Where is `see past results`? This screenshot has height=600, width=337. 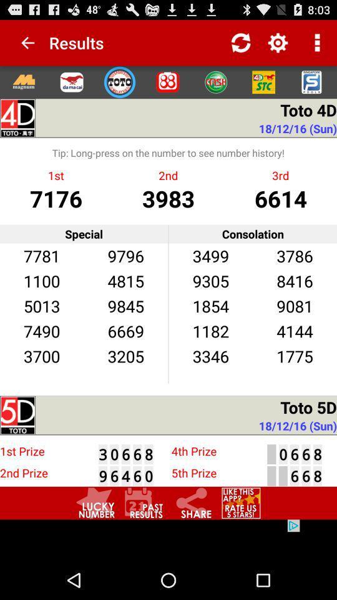 see past results is located at coordinates (144, 503).